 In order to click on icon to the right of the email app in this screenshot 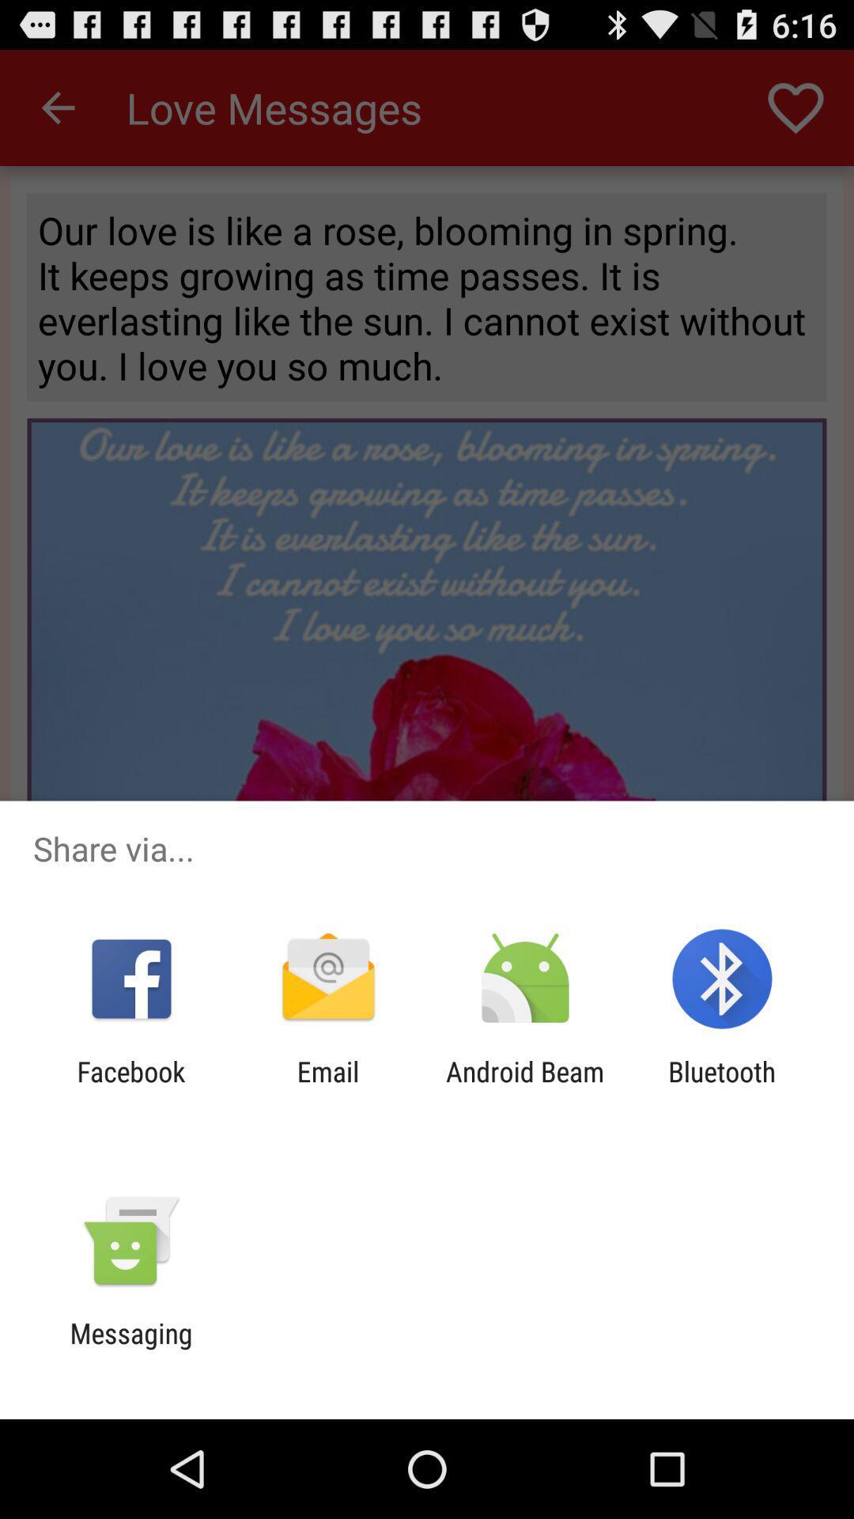, I will do `click(525, 1087)`.